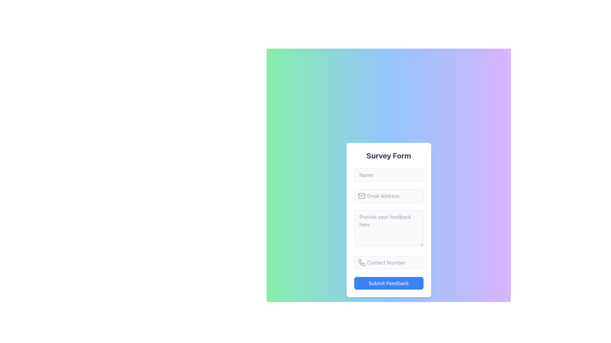 Image resolution: width=611 pixels, height=343 pixels. I want to click on the small gray phone icon with a stroke design, located to the left of the 'Contact Number' text input field, so click(362, 262).